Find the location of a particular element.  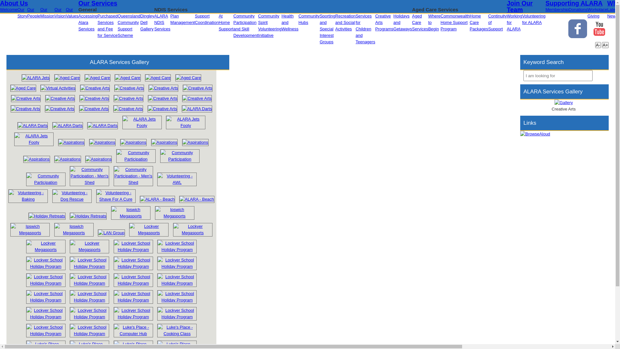

'Community Participation' is located at coordinates (136, 156).